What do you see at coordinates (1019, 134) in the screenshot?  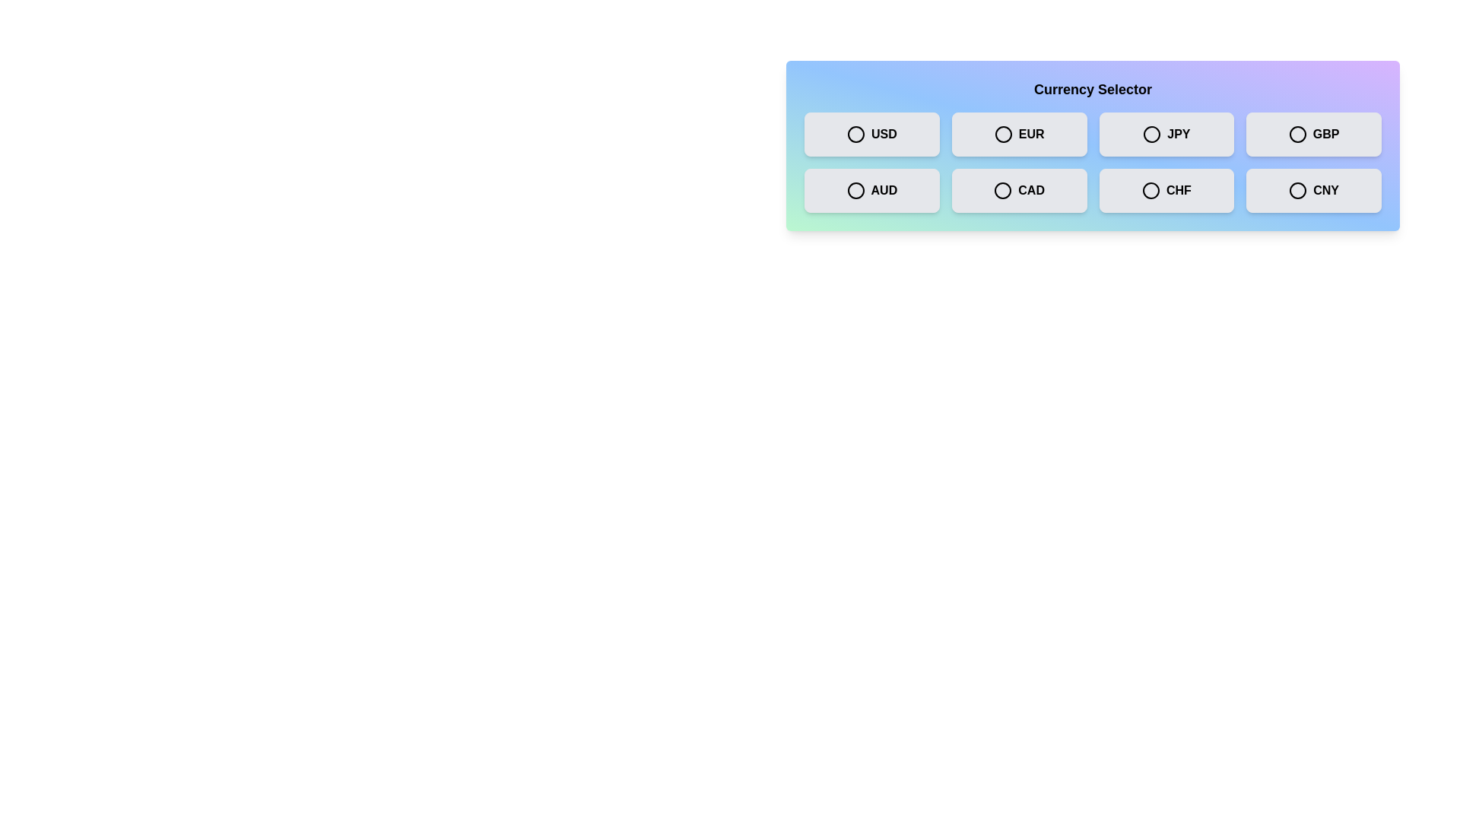 I see `the currency EUR by clicking on its respective button` at bounding box center [1019, 134].